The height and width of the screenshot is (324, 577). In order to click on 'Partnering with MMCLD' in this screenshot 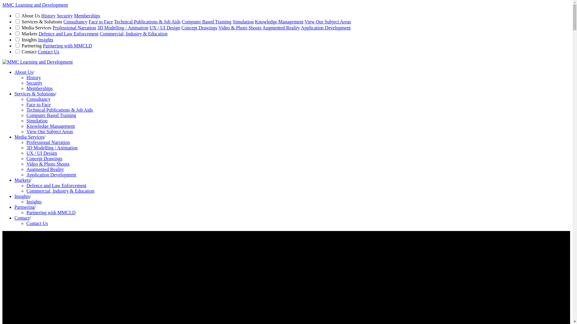, I will do `click(68, 45)`.